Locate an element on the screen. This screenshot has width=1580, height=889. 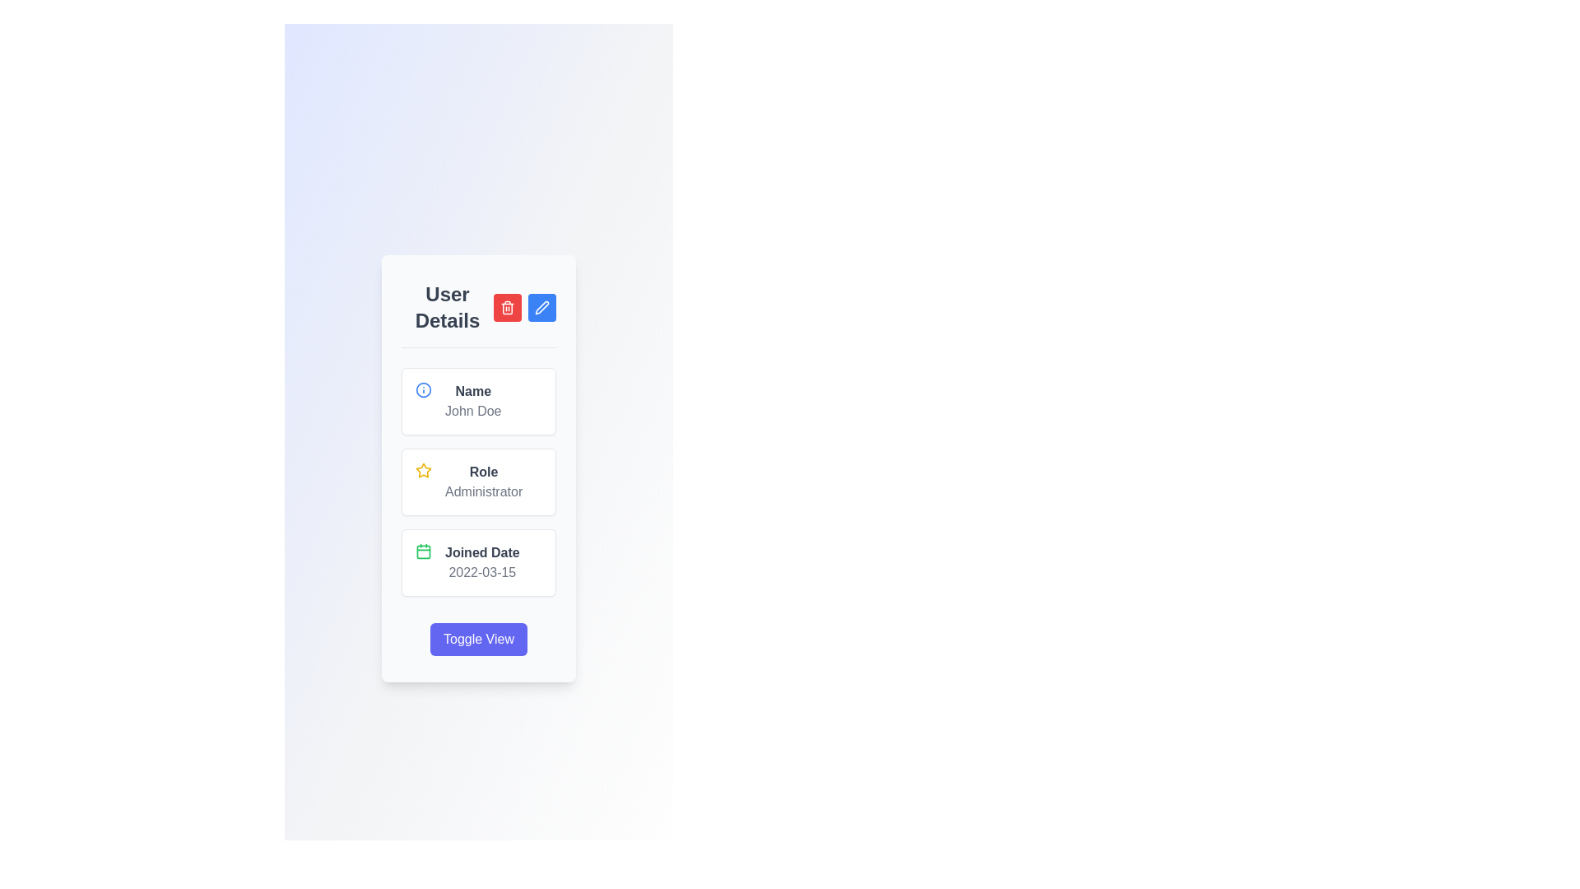
the 'Administrator' label located below the 'Role' text in the central information panel under the 'User Details' section is located at coordinates (483, 491).